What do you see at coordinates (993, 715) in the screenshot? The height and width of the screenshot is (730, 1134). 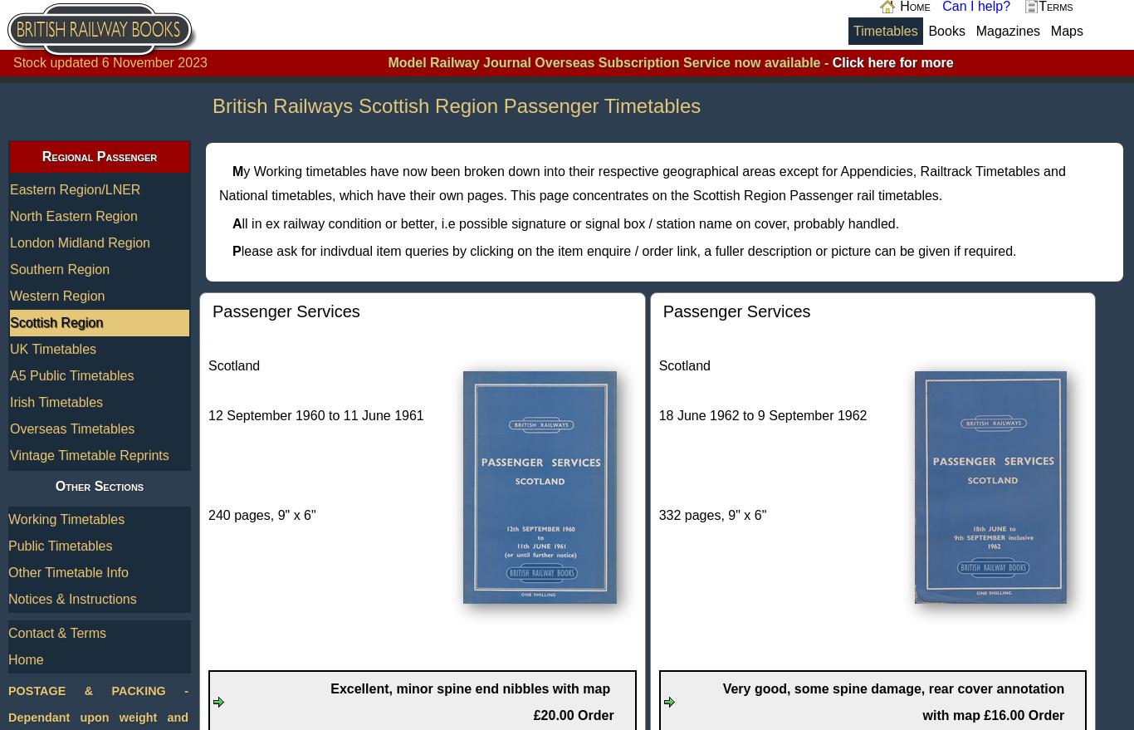 I see `'with map £16.00 Order'` at bounding box center [993, 715].